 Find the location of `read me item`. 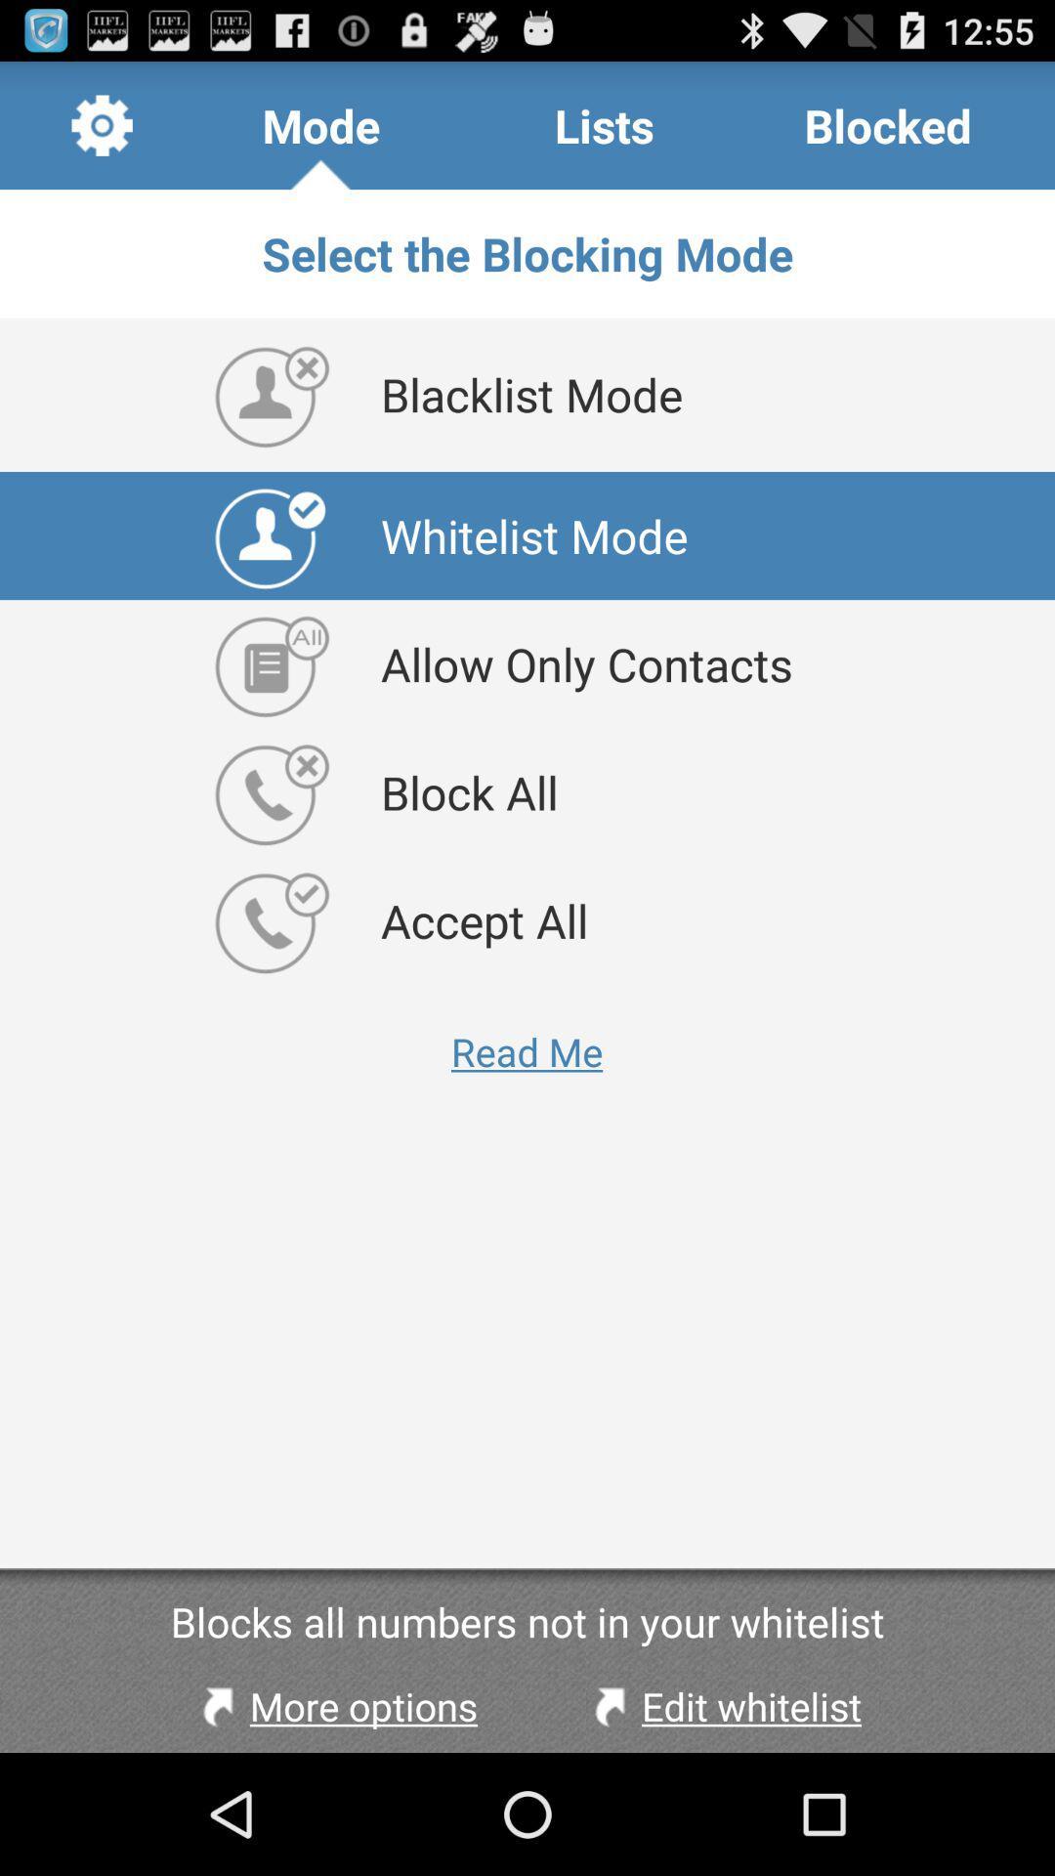

read me item is located at coordinates (526, 1050).